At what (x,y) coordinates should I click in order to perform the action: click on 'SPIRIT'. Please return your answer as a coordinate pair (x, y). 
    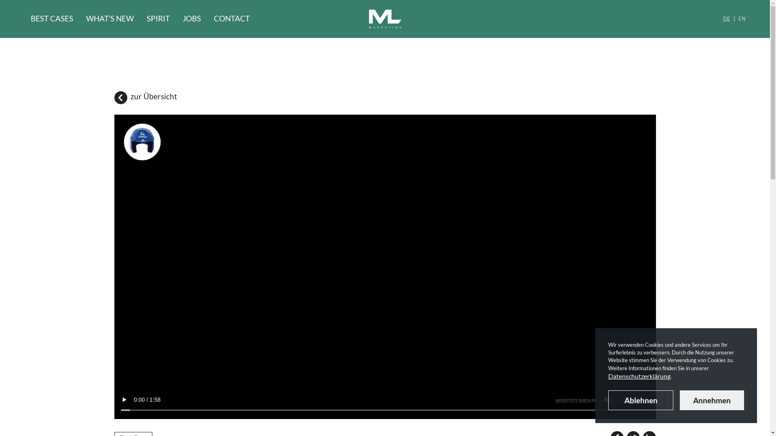
    Looking at the image, I should click on (158, 19).